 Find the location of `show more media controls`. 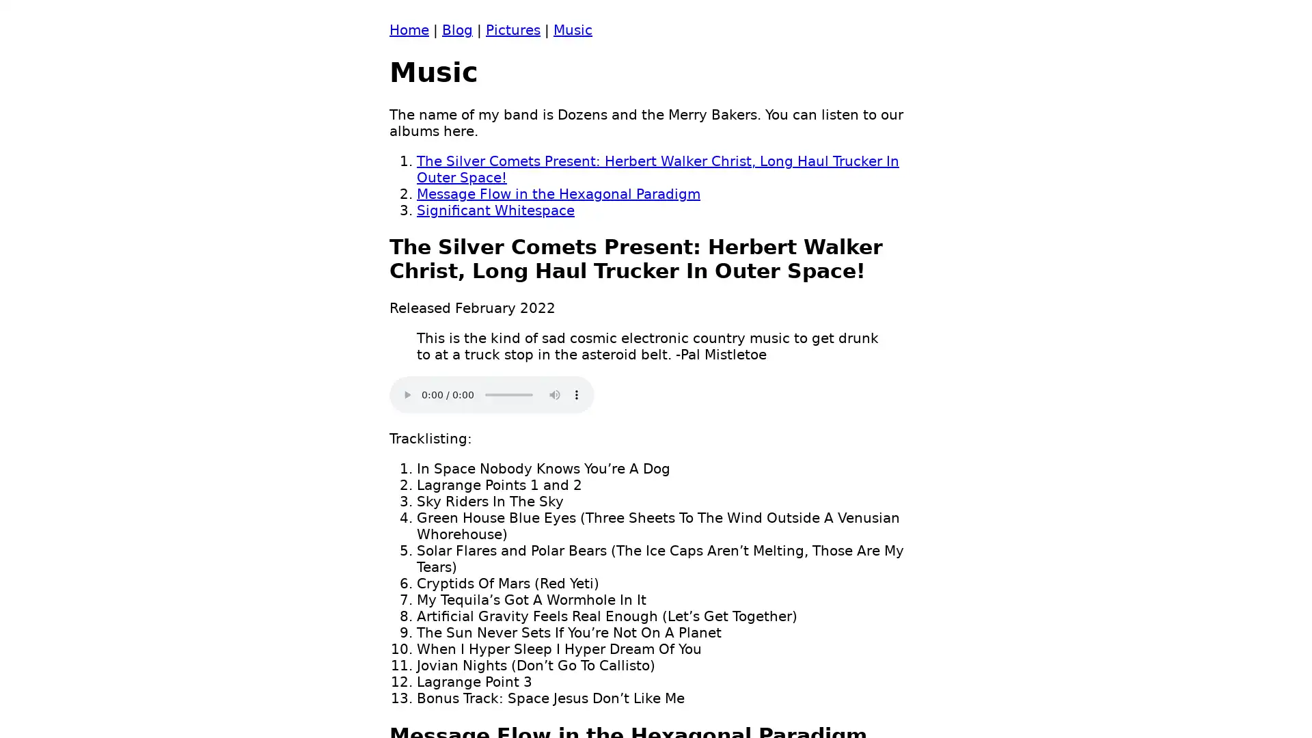

show more media controls is located at coordinates (577, 395).